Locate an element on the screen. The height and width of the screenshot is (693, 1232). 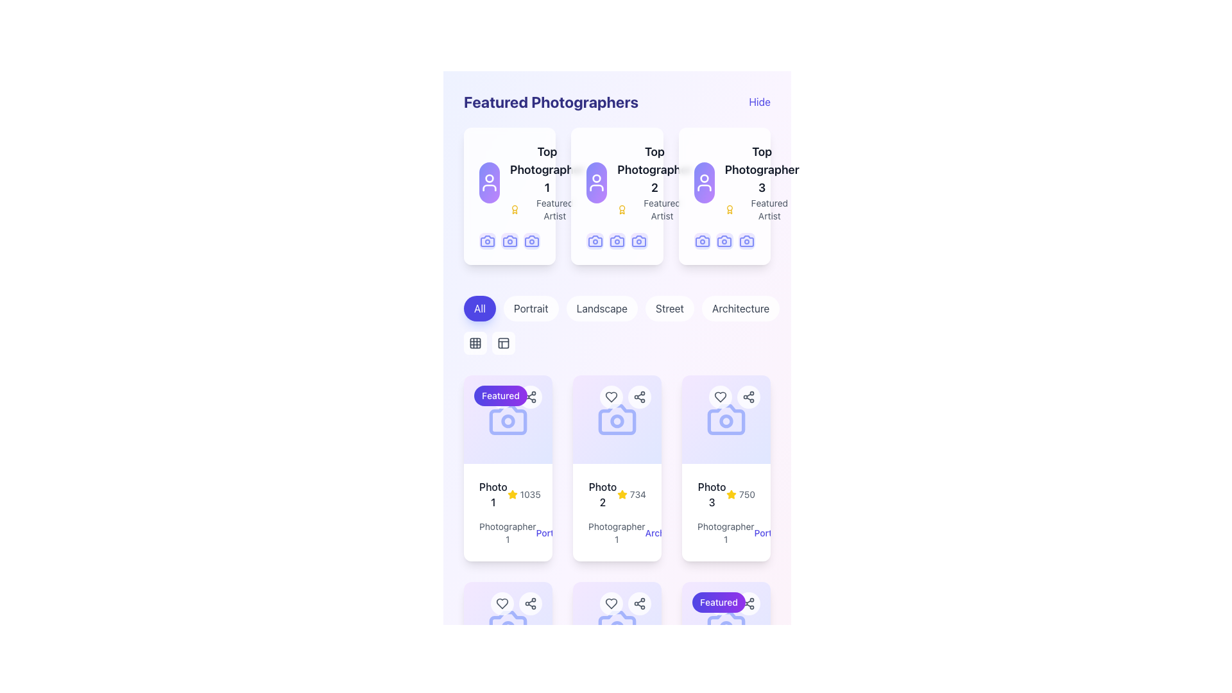
the 'Landscape' button to filter content by the landscape category, which is the third button in a horizontal row of five buttons labeled 'All', 'Portrait', 'Landscape', 'Street', and 'Architecture' is located at coordinates (601, 309).